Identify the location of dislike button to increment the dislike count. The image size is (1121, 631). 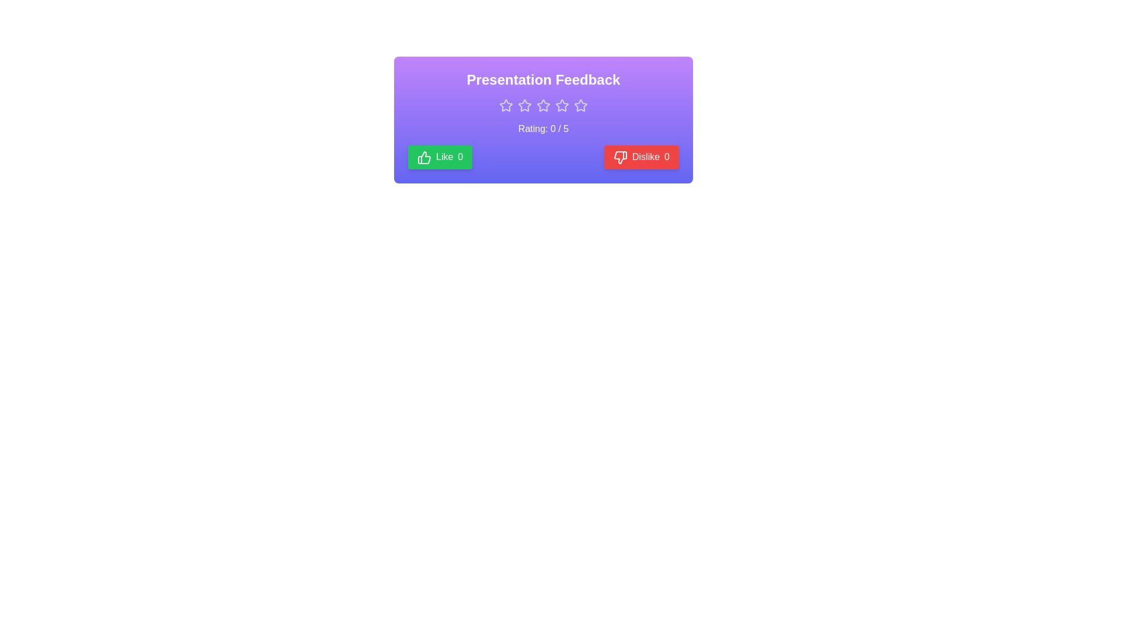
(641, 157).